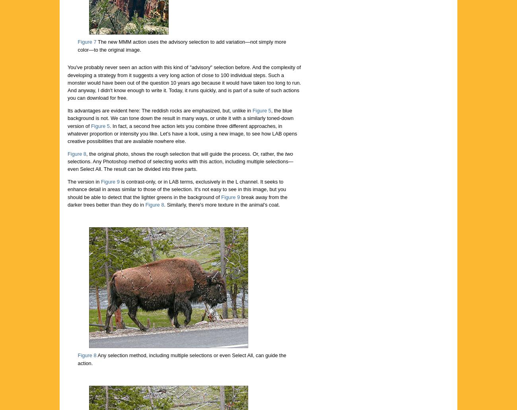 This screenshot has width=517, height=410. Describe the element at coordinates (176, 189) in the screenshot. I see `'is contrast-only, or in LAB terms, exclusively in the L channel. It seeks to enhance detail in areas similar to those of the selection. It's not easy to see in this image, but you should be able to detect that the lighter greens in the background of'` at that location.